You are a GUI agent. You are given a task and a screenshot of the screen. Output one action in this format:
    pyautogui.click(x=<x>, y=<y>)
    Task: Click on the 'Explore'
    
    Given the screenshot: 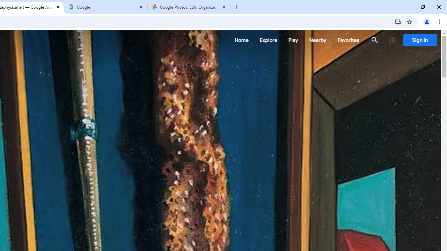 What is the action you would take?
    pyautogui.click(x=268, y=40)
    